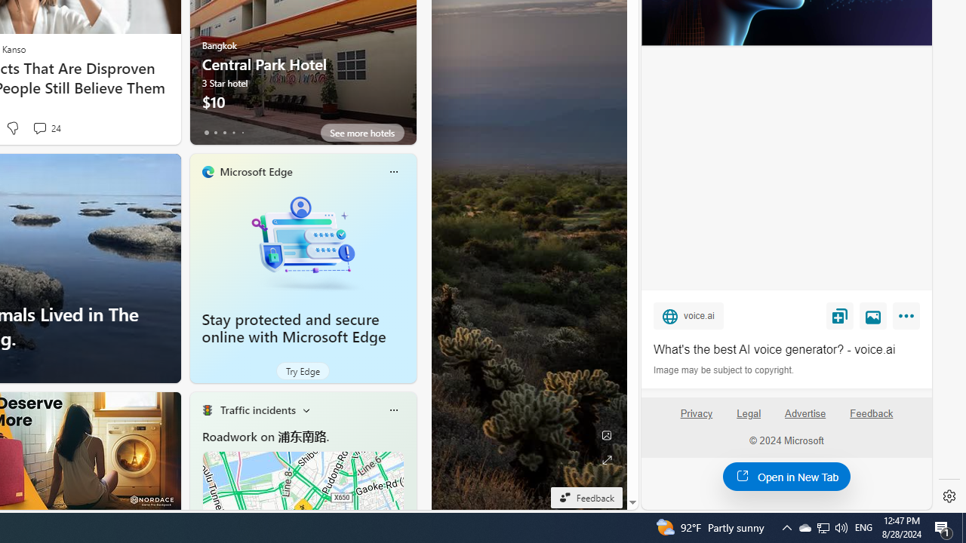 The height and width of the screenshot is (543, 966). I want to click on 'Privacy', so click(695, 420).